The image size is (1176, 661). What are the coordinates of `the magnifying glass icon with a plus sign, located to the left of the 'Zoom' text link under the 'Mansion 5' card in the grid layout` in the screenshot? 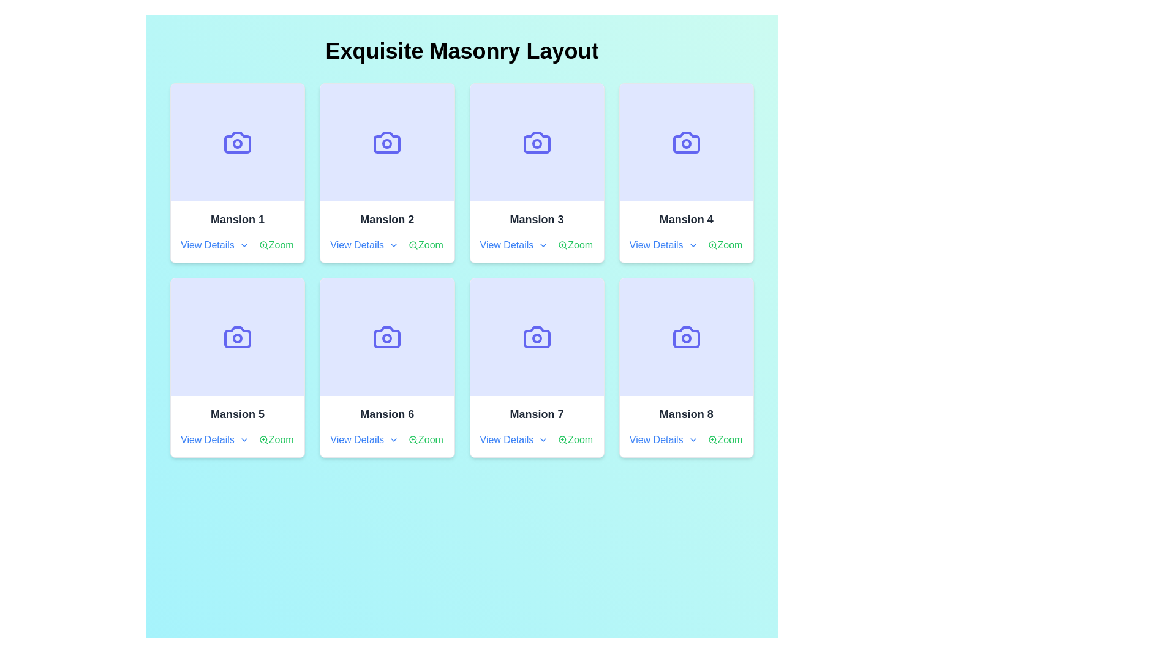 It's located at (263, 439).